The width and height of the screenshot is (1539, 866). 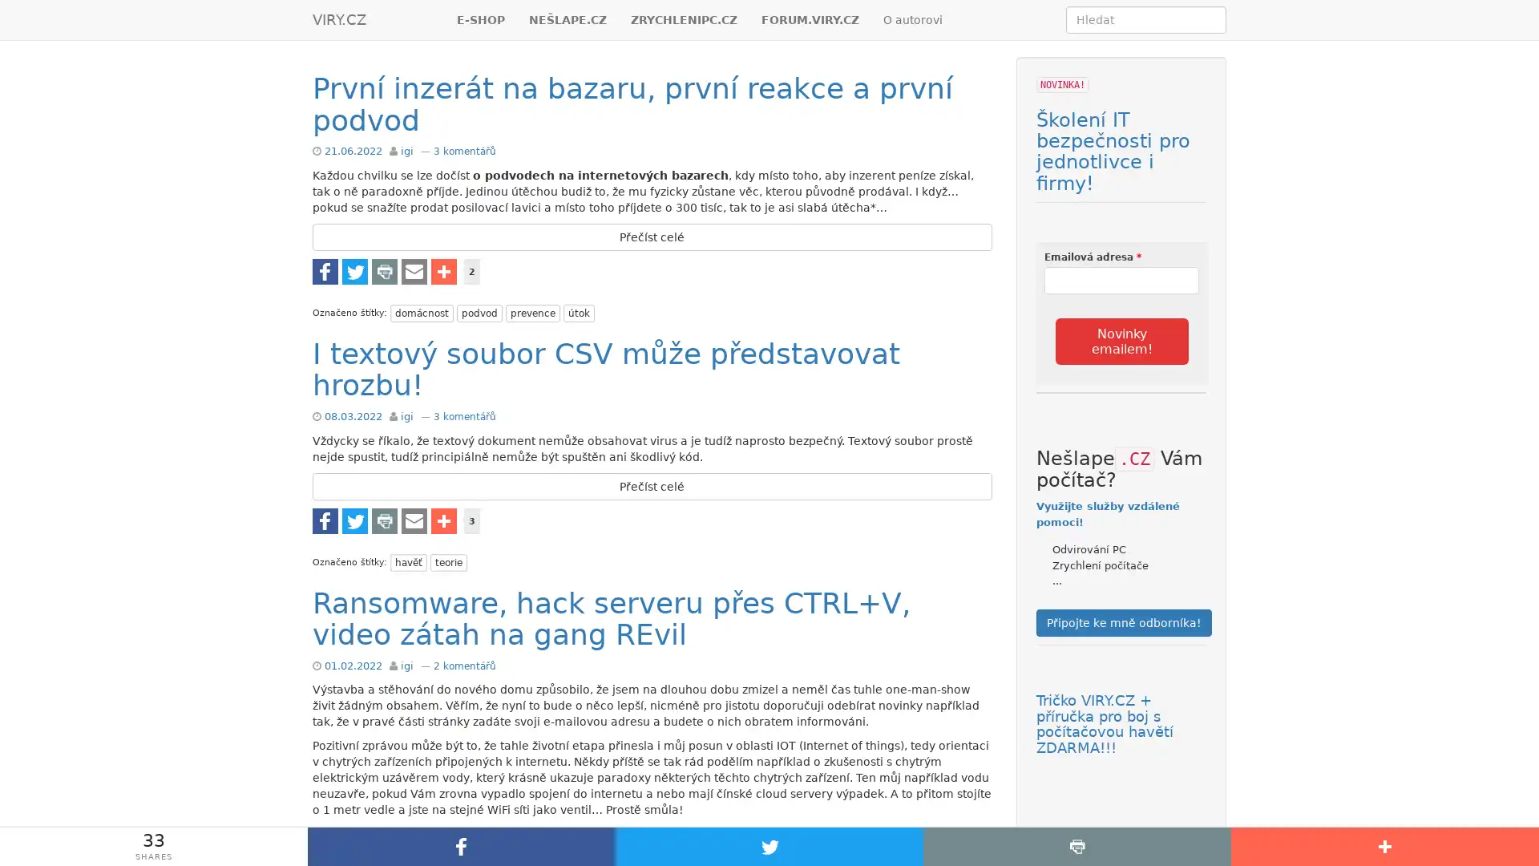 I want to click on Share to Twitter, so click(x=353, y=270).